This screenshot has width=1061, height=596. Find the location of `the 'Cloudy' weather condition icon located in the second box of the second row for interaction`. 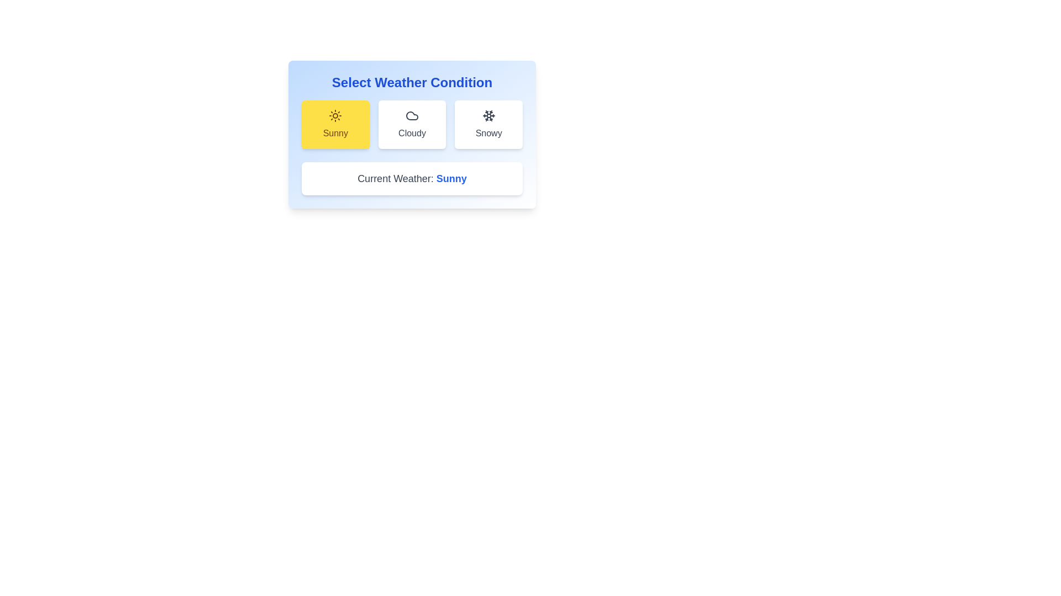

the 'Cloudy' weather condition icon located in the second box of the second row for interaction is located at coordinates (411, 115).